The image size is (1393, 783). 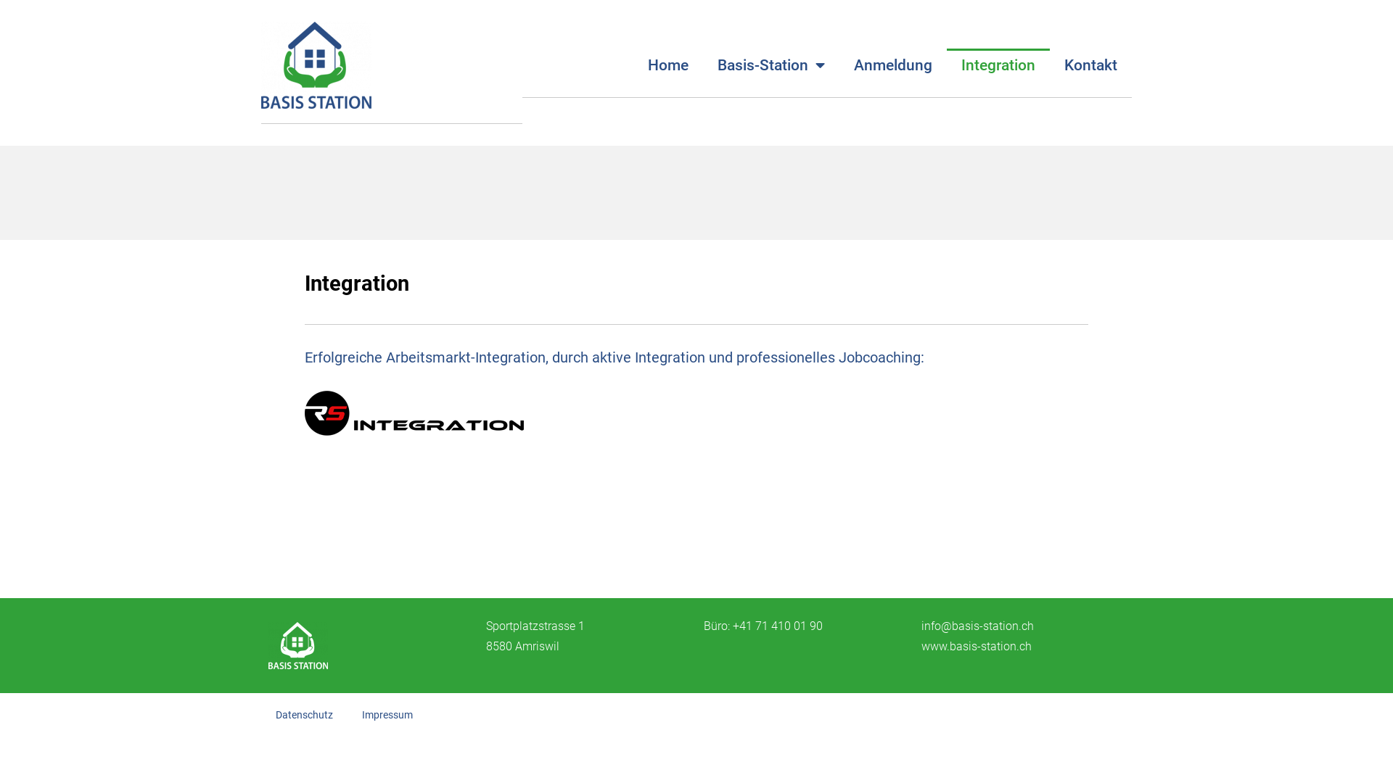 What do you see at coordinates (892, 64) in the screenshot?
I see `'Anmeldung'` at bounding box center [892, 64].